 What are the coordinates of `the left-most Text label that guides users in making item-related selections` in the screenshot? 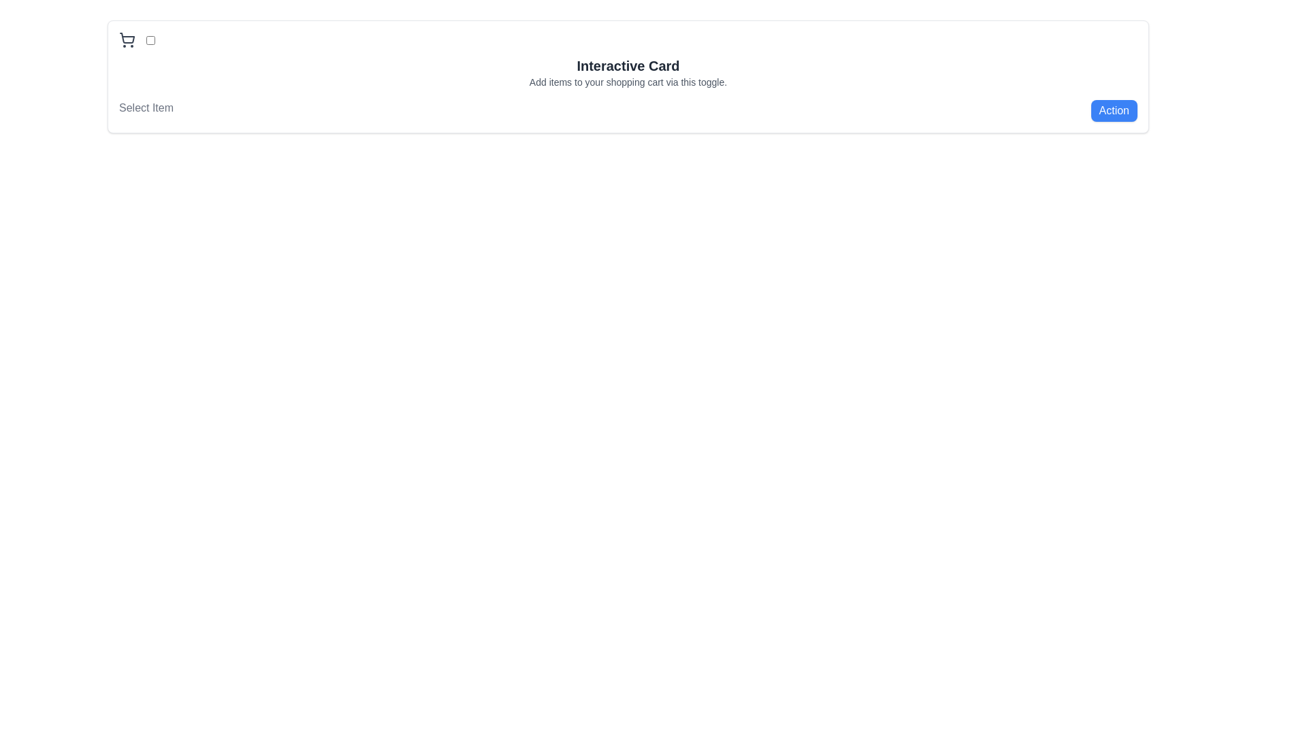 It's located at (146, 110).